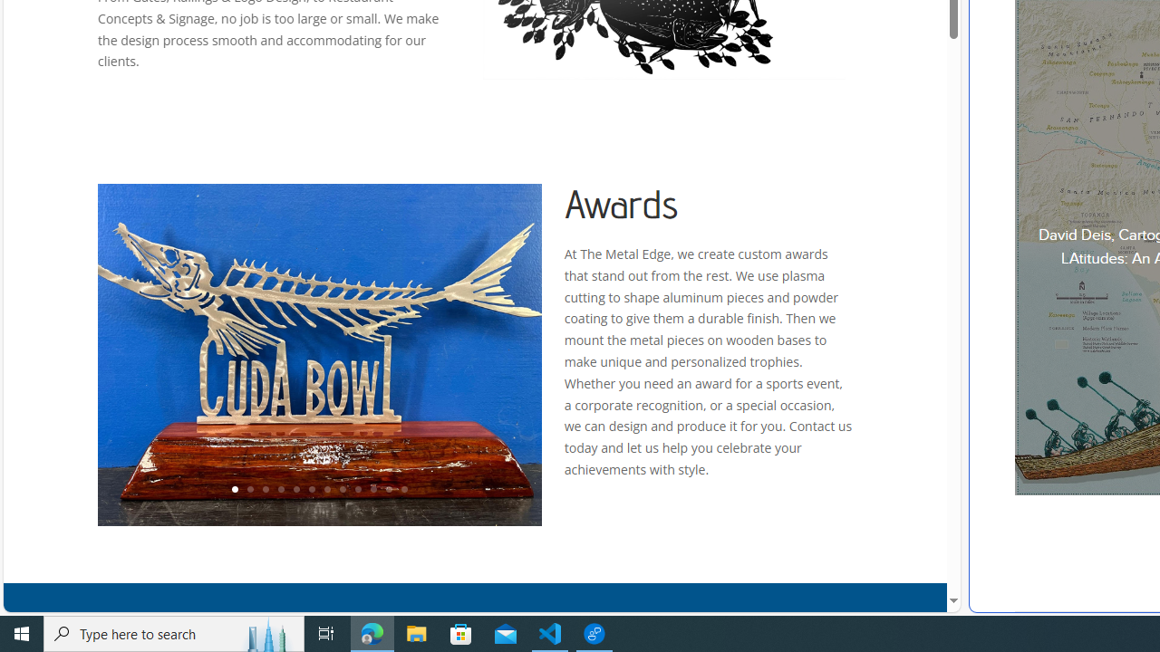  I want to click on '9', so click(357, 490).